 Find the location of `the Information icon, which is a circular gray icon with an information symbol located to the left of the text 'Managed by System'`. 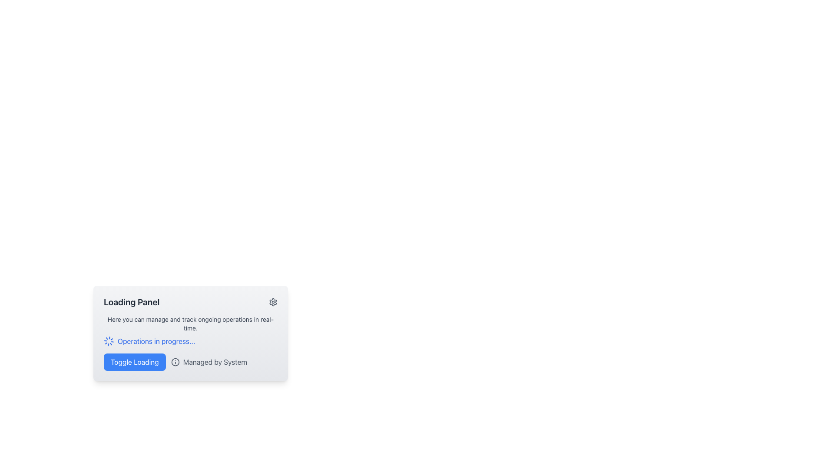

the Information icon, which is a circular gray icon with an information symbol located to the left of the text 'Managed by System' is located at coordinates (175, 362).